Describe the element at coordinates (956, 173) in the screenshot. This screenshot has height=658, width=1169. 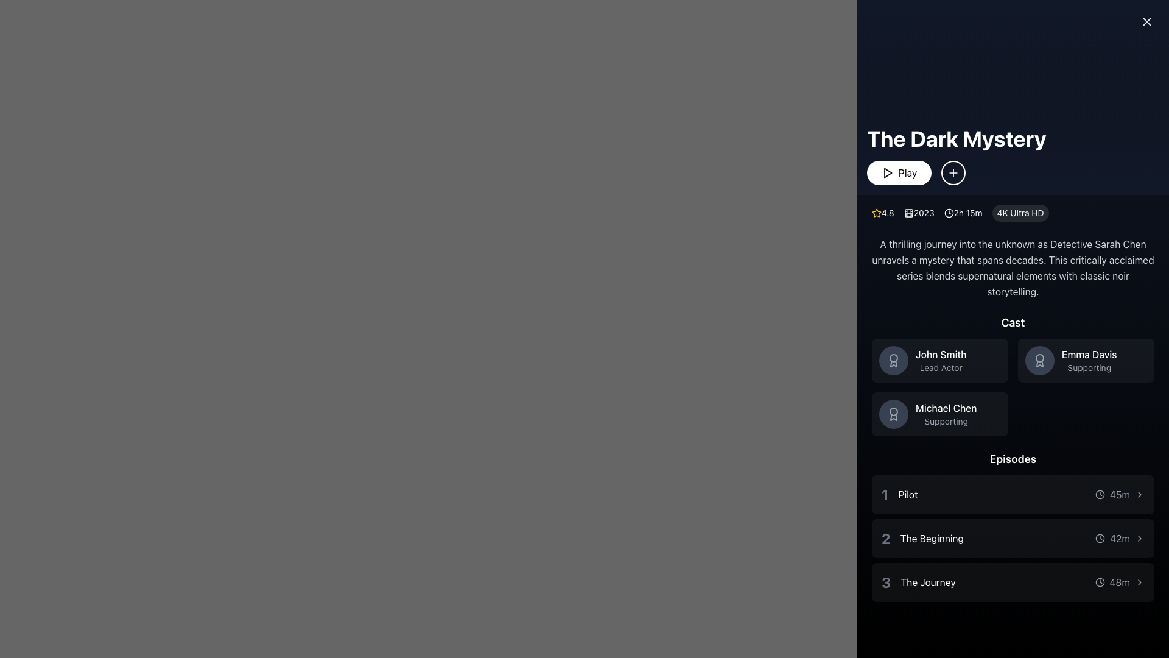
I see `the circular button with a plus symbol, located immediately` at that location.